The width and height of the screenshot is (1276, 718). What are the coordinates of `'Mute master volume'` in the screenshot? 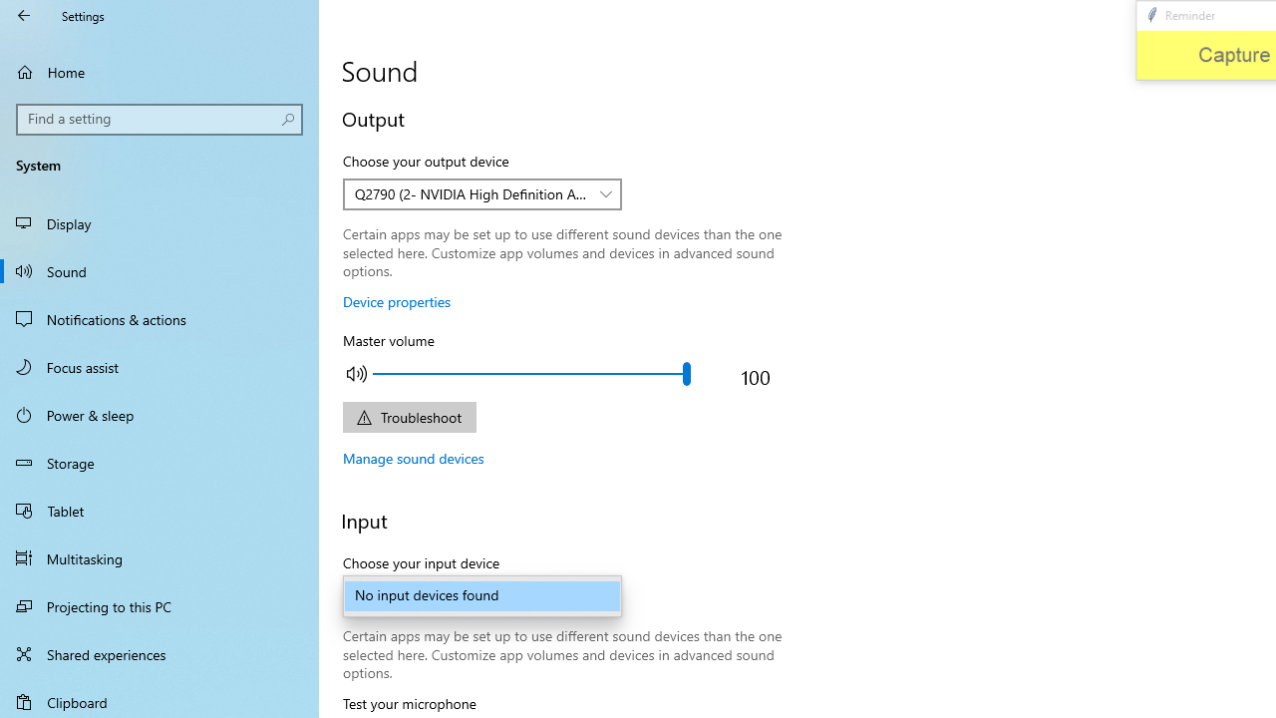 It's located at (357, 373).